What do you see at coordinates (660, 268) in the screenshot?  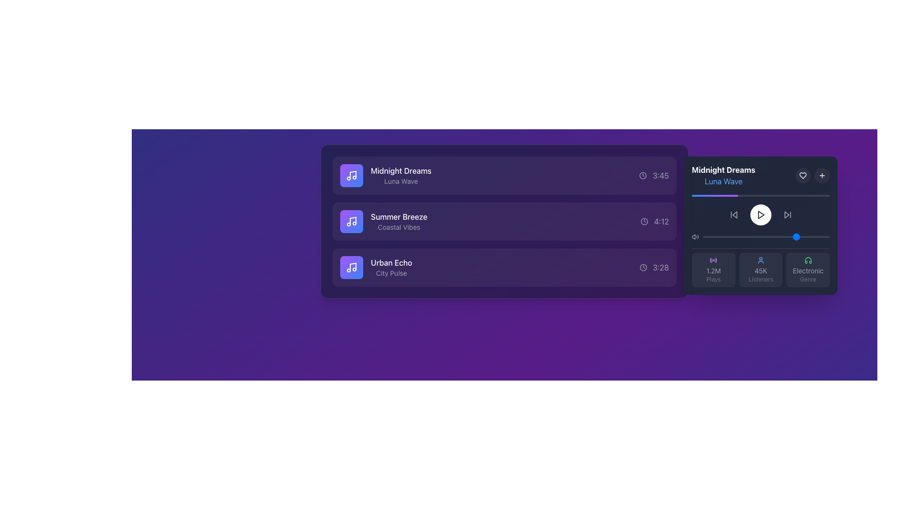 I see `the text label displaying the duration of the media item in the third row of the playlist, which is aligned with the clock icon` at bounding box center [660, 268].